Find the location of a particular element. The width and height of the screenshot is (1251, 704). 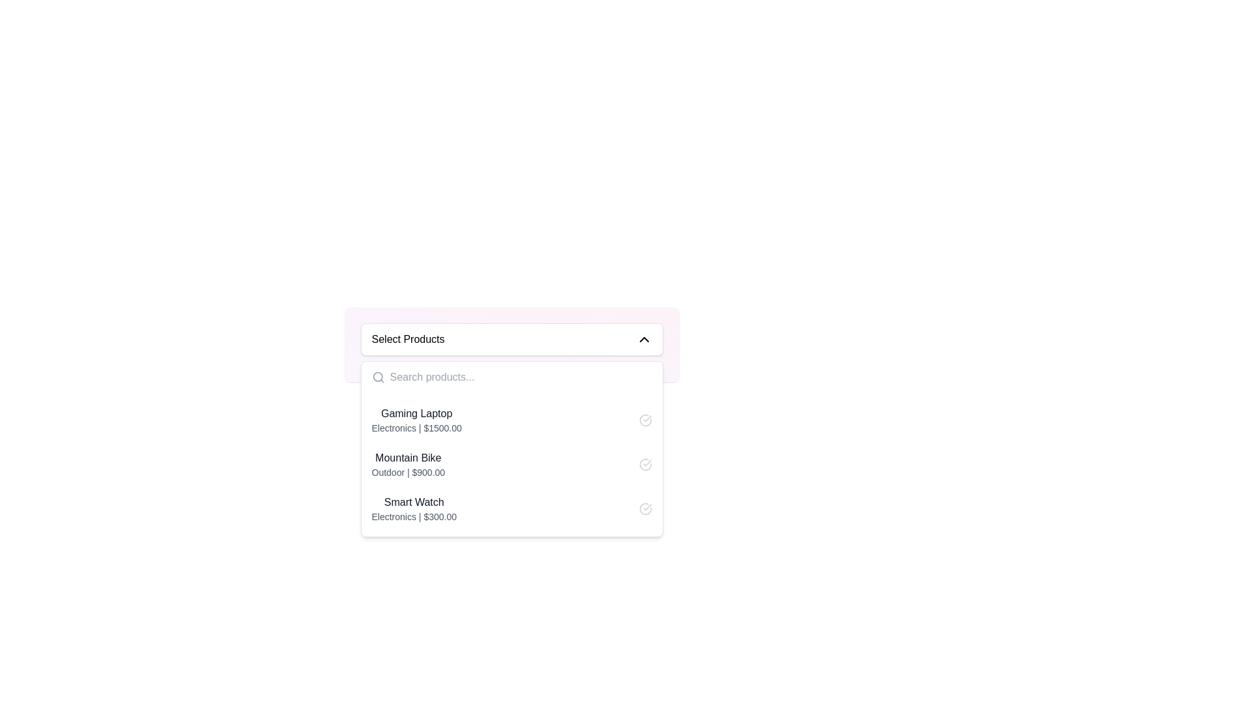

the status of the icon indicating the selection or availability of the item in the product listing titled 'Mountain Bike Outdoor | $900.00', located at the rightmost side of the listing is located at coordinates (645, 464).